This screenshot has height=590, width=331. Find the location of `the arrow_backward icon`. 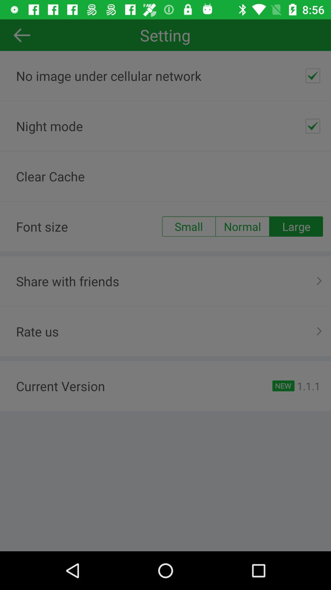

the arrow_backward icon is located at coordinates (21, 35).